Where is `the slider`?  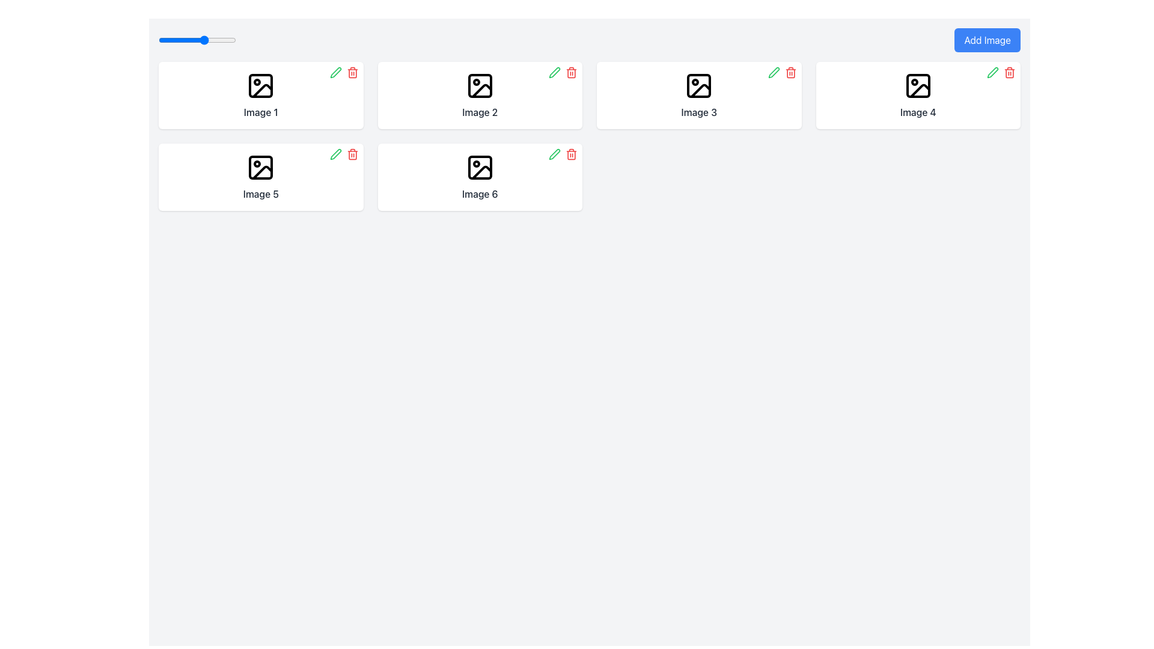 the slider is located at coordinates (158, 39).